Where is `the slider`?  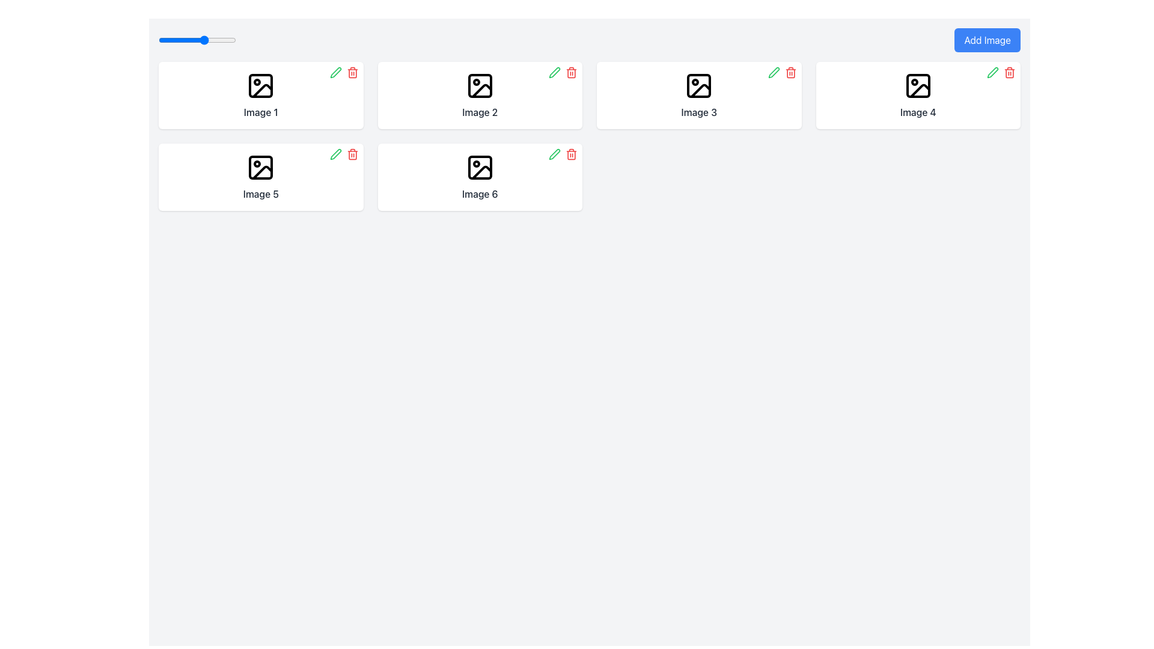 the slider is located at coordinates (158, 39).